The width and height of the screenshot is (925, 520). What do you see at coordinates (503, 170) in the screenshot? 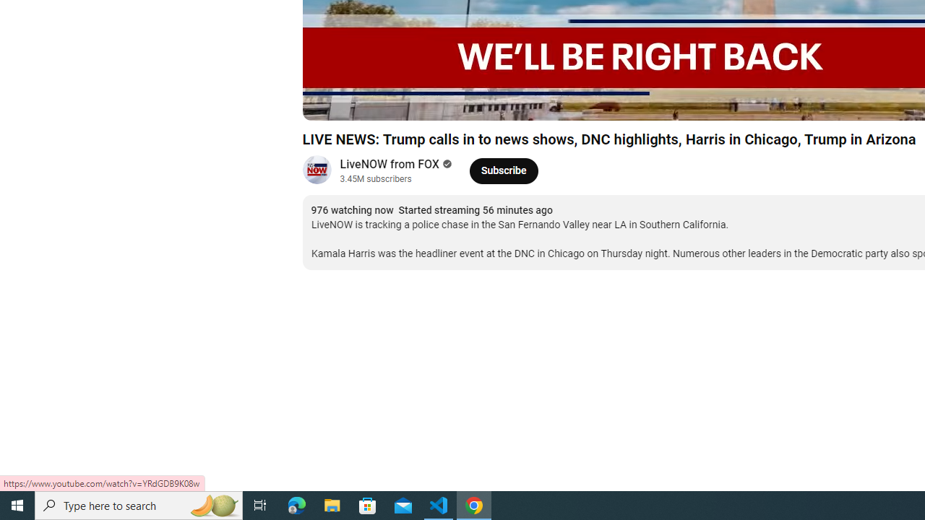
I see `'Subscribe to LiveNOW from FOX.'` at bounding box center [503, 170].